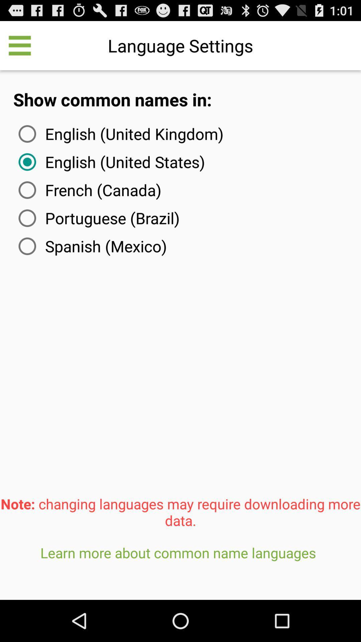 The height and width of the screenshot is (642, 361). Describe the element at coordinates (98, 218) in the screenshot. I see `portuguese (brazil) icon` at that location.